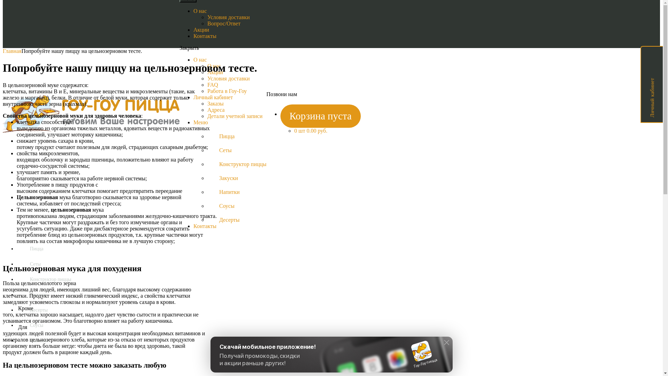  Describe the element at coordinates (212, 84) in the screenshot. I see `'FAQ'` at that location.